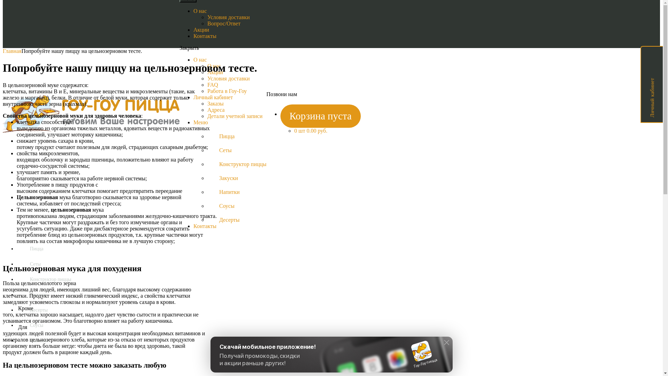  Describe the element at coordinates (212, 84) in the screenshot. I see `'FAQ'` at that location.